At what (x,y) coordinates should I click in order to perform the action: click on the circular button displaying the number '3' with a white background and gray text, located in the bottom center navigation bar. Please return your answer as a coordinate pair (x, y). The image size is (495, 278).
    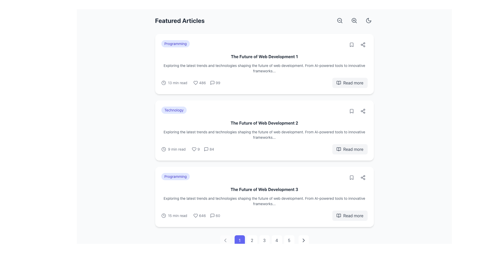
    Looking at the image, I should click on (264, 240).